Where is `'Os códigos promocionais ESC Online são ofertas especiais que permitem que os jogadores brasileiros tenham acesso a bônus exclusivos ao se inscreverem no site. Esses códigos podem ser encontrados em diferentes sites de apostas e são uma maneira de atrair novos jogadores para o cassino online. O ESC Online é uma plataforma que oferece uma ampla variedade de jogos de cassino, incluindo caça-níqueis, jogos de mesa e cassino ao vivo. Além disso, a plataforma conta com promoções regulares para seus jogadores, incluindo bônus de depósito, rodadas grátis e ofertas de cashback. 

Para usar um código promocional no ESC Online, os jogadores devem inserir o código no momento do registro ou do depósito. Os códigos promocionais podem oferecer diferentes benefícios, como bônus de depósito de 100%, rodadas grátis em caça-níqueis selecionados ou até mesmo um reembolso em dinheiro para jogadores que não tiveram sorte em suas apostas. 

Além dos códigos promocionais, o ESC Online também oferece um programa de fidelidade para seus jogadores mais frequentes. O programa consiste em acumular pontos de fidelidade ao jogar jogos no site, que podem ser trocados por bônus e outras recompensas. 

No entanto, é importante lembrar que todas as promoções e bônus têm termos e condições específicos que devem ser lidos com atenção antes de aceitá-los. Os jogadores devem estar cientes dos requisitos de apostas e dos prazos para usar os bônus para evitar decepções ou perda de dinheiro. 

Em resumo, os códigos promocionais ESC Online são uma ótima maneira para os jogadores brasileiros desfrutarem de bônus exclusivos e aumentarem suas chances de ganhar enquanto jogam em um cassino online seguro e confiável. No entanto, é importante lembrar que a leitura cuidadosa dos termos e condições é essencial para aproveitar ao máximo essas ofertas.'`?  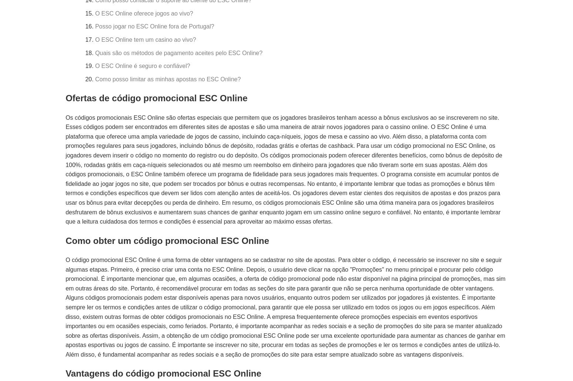
'Os códigos promocionais ESC Online são ofertas especiais que permitem que os jogadores brasileiros tenham acesso a bônus exclusivos ao se inscreverem no site. Esses códigos podem ser encontrados em diferentes sites de apostas e são uma maneira de atrair novos jogadores para o cassino online. O ESC Online é uma plataforma que oferece uma ampla variedade de jogos de cassino, incluindo caça-níqueis, jogos de mesa e cassino ao vivo. Além disso, a plataforma conta com promoções regulares para seus jogadores, incluindo bônus de depósito, rodadas grátis e ofertas de cashback. 

Para usar um código promocional no ESC Online, os jogadores devem inserir o código no momento do registro ou do depósito. Os códigos promocionais podem oferecer diferentes benefícios, como bônus de depósito de 100%, rodadas grátis em caça-níqueis selecionados ou até mesmo um reembolso em dinheiro para jogadores que não tiveram sorte em suas apostas. 

Além dos códigos promocionais, o ESC Online também oferece um programa de fidelidade para seus jogadores mais frequentes. O programa consiste em acumular pontos de fidelidade ao jogar jogos no site, que podem ser trocados por bônus e outras recompensas. 

No entanto, é importante lembrar que todas as promoções e bônus têm termos e condições específicos que devem ser lidos com atenção antes de aceitá-los. Os jogadores devem estar cientes dos requisitos de apostas e dos prazos para usar os bônus para evitar decepções ou perda de dinheiro. 

Em resumo, os códigos promocionais ESC Online são uma ótima maneira para os jogadores brasileiros desfrutarem de bônus exclusivos e aumentarem suas chances de ganhar enquanto jogam em um cassino online seguro e confiável. No entanto, é importante lembrar que a leitura cuidadosa dos termos e condições é essencial para aproveitar ao máximo essas ofertas.' is located at coordinates (284, 169).